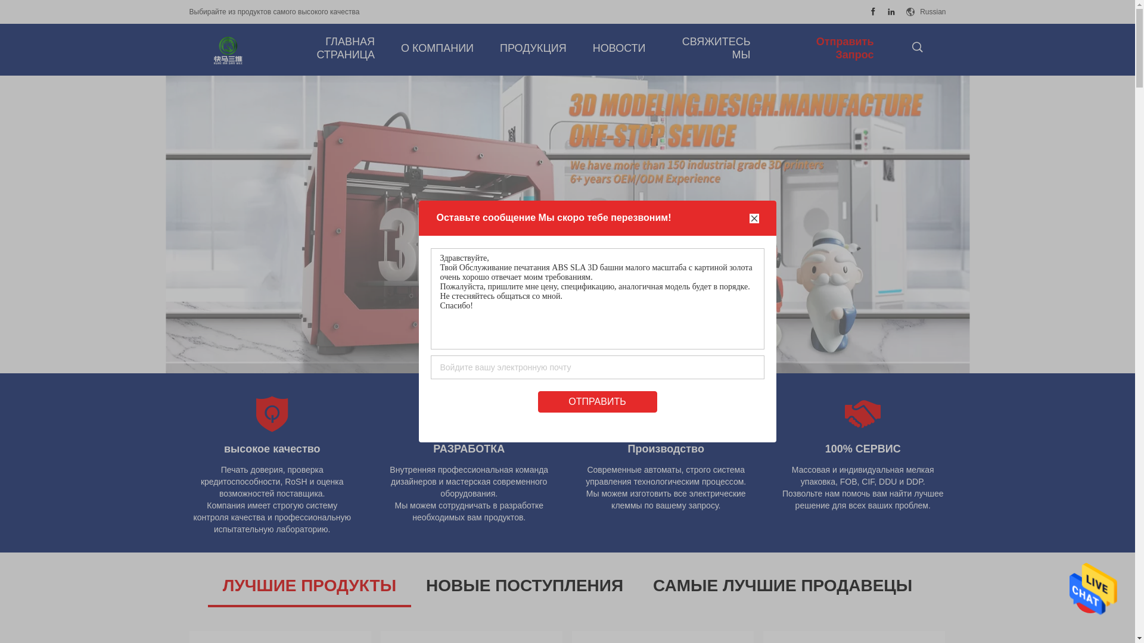 The height and width of the screenshot is (643, 1144). I want to click on 'Guangdong Kuaima Sanwei Technology Co., Ltd.', so click(228, 49).